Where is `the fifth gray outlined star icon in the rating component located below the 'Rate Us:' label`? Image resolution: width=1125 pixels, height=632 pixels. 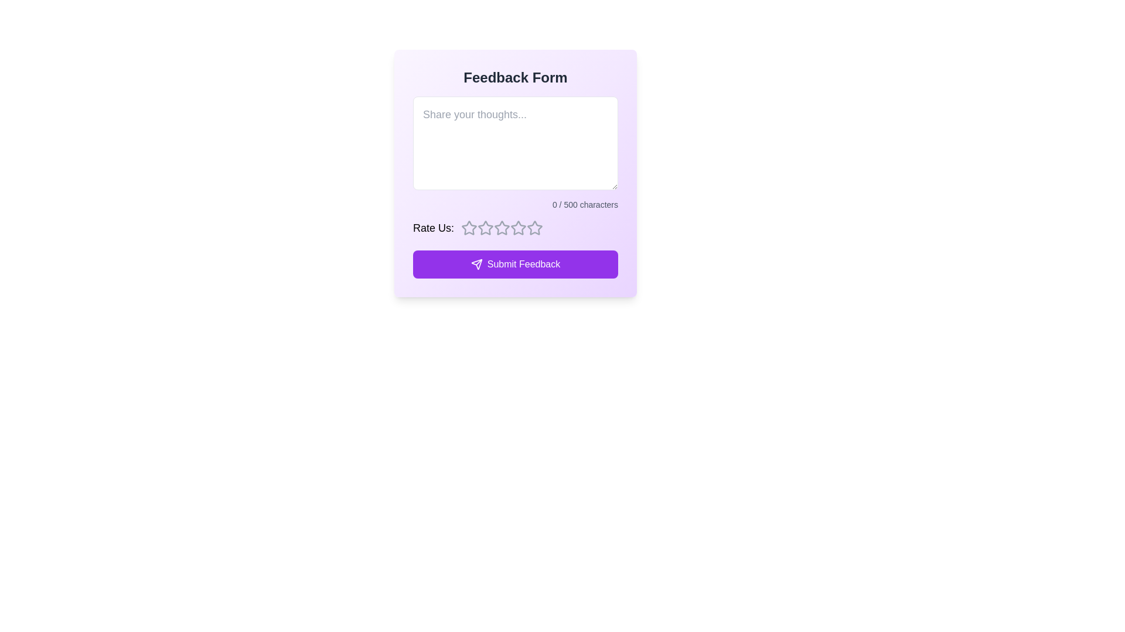 the fifth gray outlined star icon in the rating component located below the 'Rate Us:' label is located at coordinates (518, 228).